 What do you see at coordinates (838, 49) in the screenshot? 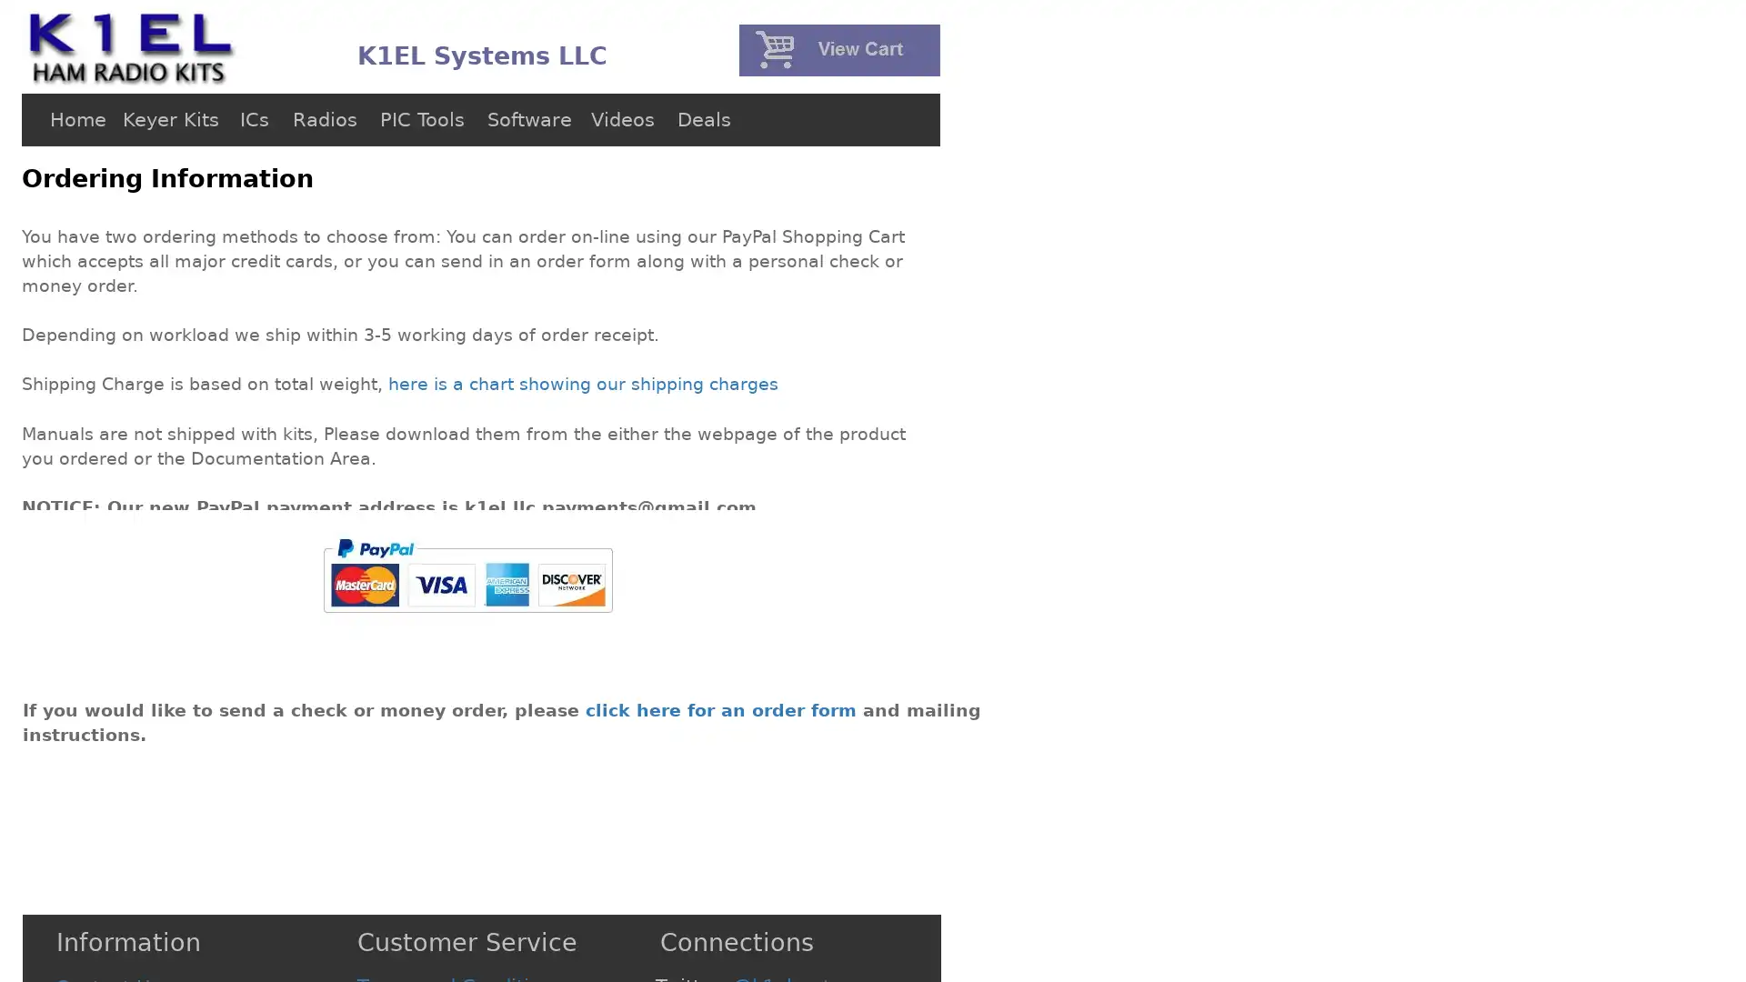
I see `PayPal - The safer, easier way to pay online!` at bounding box center [838, 49].